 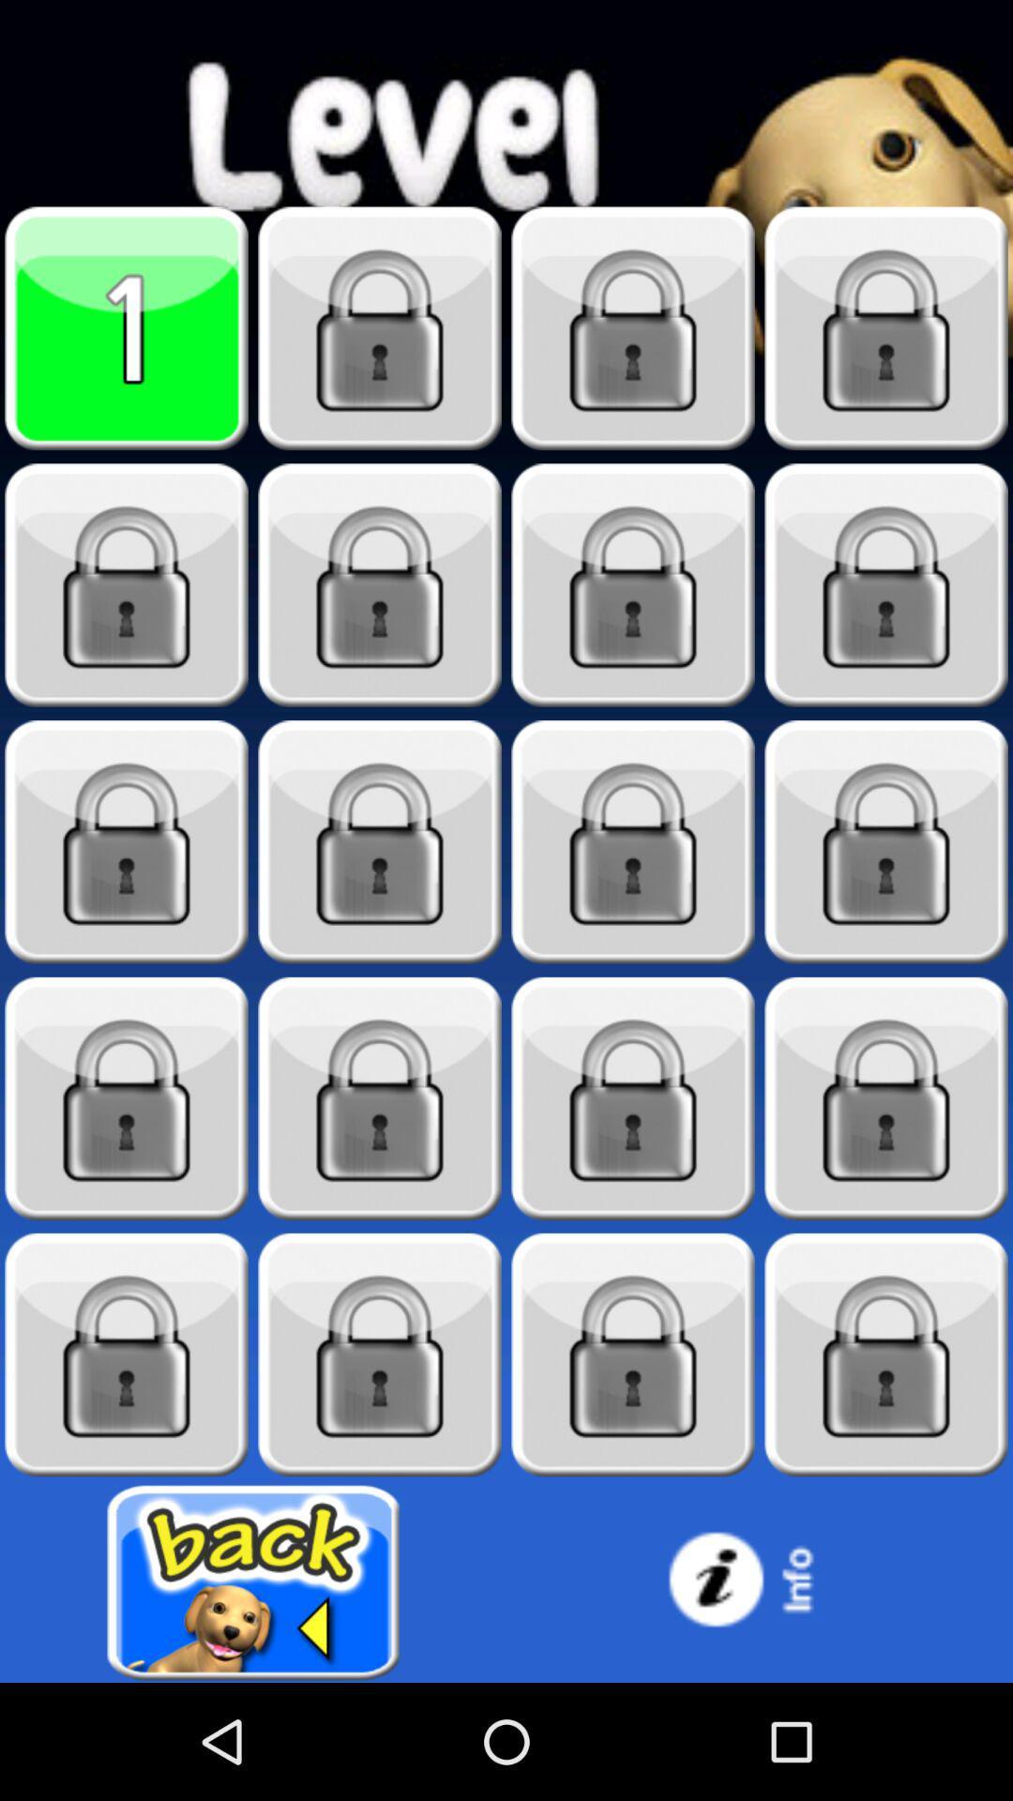 What do you see at coordinates (760, 1582) in the screenshot?
I see `game information` at bounding box center [760, 1582].